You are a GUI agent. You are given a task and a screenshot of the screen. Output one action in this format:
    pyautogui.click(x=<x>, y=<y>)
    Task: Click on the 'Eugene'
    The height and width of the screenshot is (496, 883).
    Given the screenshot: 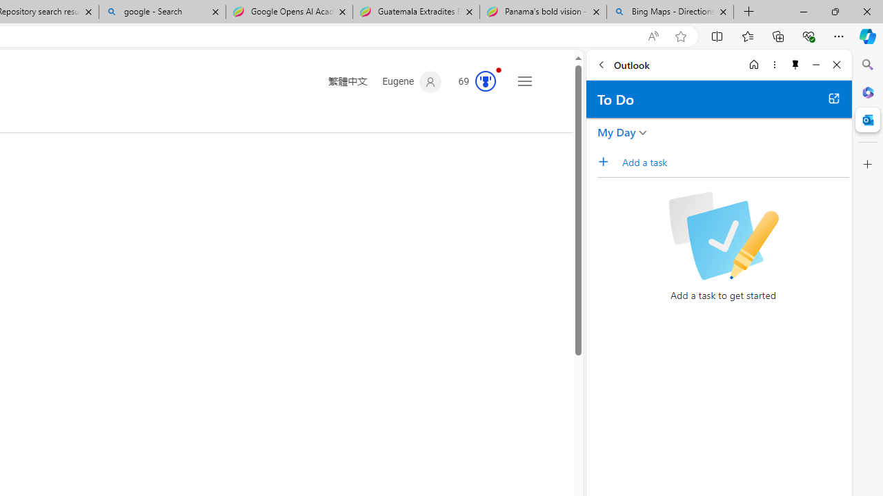 What is the action you would take?
    pyautogui.click(x=411, y=82)
    